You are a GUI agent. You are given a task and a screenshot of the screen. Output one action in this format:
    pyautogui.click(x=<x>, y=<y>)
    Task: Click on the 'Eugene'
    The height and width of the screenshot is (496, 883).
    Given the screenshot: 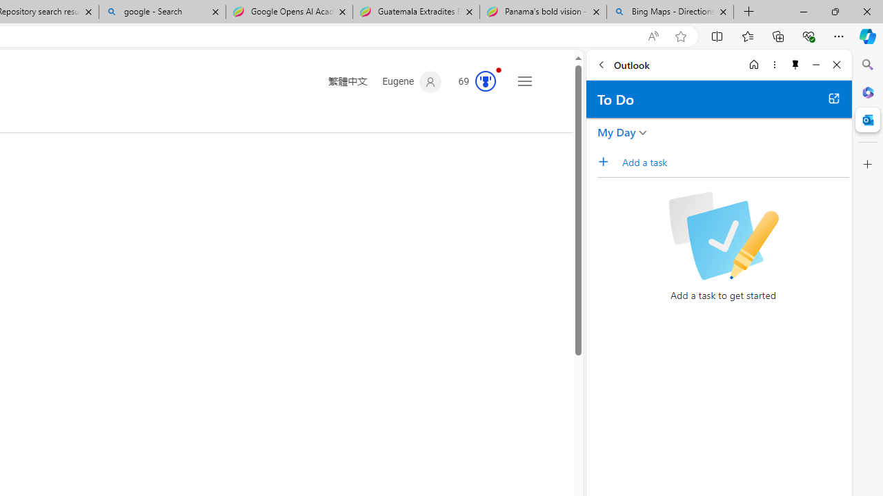 What is the action you would take?
    pyautogui.click(x=411, y=82)
    